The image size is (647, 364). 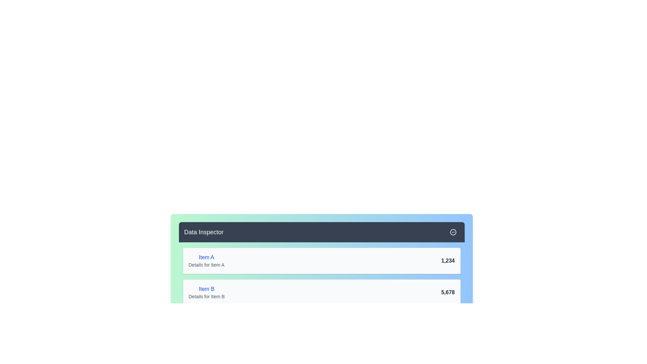 I want to click on the non-interactive text label providing information about 'Item B', located directly below 'Item B' in the 'Data Inspector' section, so click(x=206, y=296).